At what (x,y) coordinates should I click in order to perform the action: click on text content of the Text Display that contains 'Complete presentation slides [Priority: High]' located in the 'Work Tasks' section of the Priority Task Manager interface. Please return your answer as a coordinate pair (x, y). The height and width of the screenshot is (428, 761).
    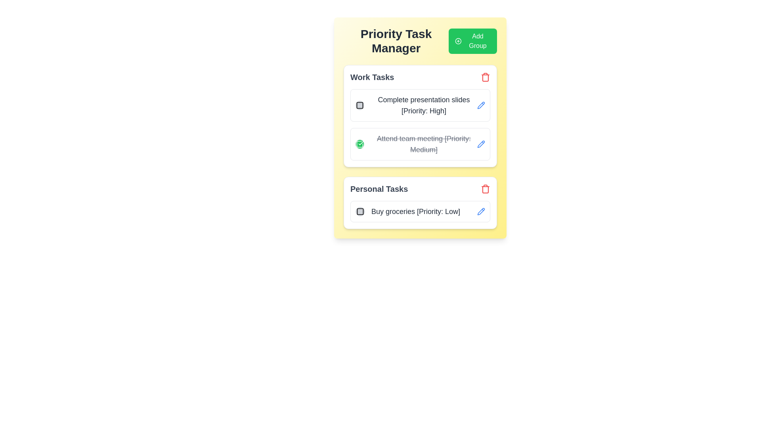
    Looking at the image, I should click on (423, 105).